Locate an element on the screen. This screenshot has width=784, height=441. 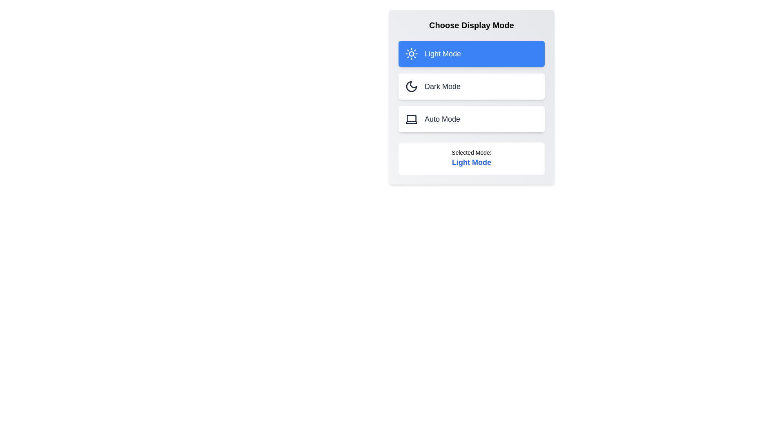
the button corresponding to Dark Mode is located at coordinates (472, 87).